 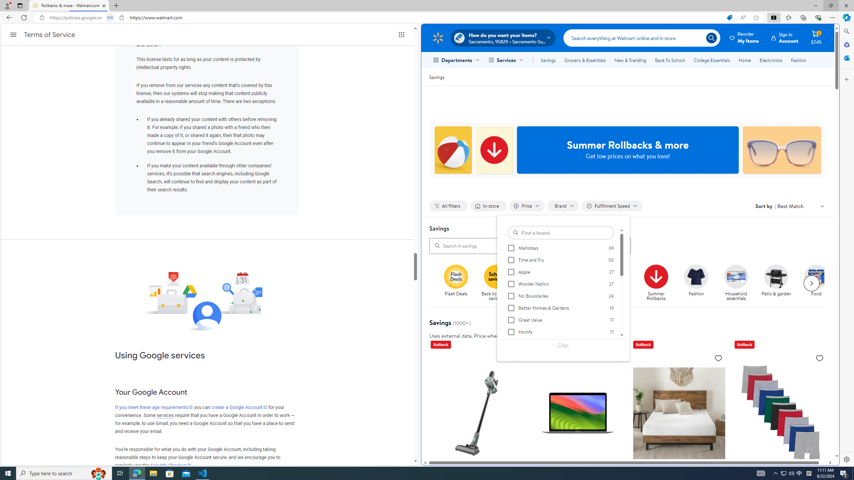 What do you see at coordinates (456, 281) in the screenshot?
I see `'Flash deals Flash Deals'` at bounding box center [456, 281].